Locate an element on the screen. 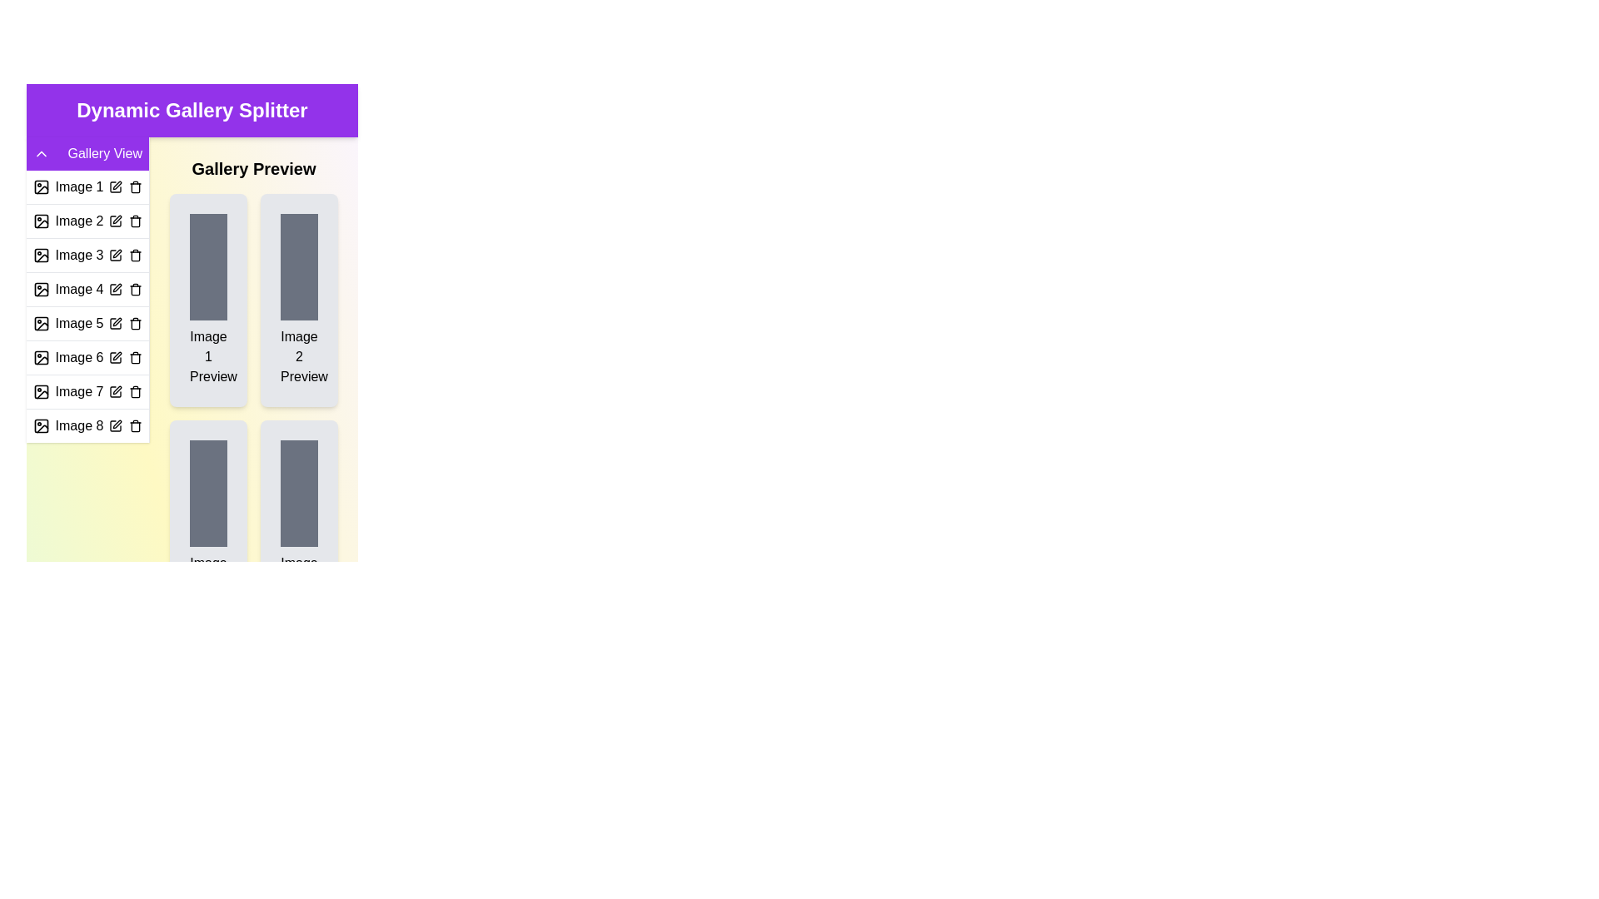 The height and width of the screenshot is (899, 1599). the Collapsible Section Header labeled 'Gallery View' with a deep purple background and a white chevron icon is located at coordinates (87, 154).